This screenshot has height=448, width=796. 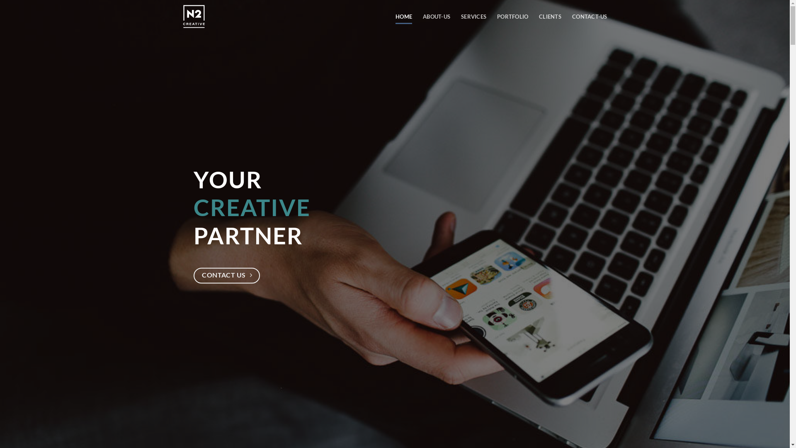 What do you see at coordinates (404, 16) in the screenshot?
I see `'HOME'` at bounding box center [404, 16].